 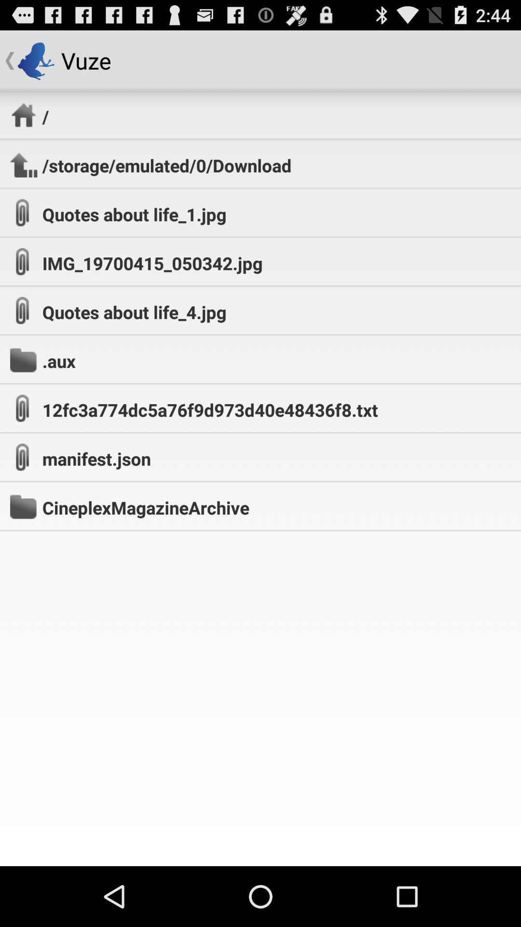 I want to click on manifest.json item, so click(x=96, y=458).